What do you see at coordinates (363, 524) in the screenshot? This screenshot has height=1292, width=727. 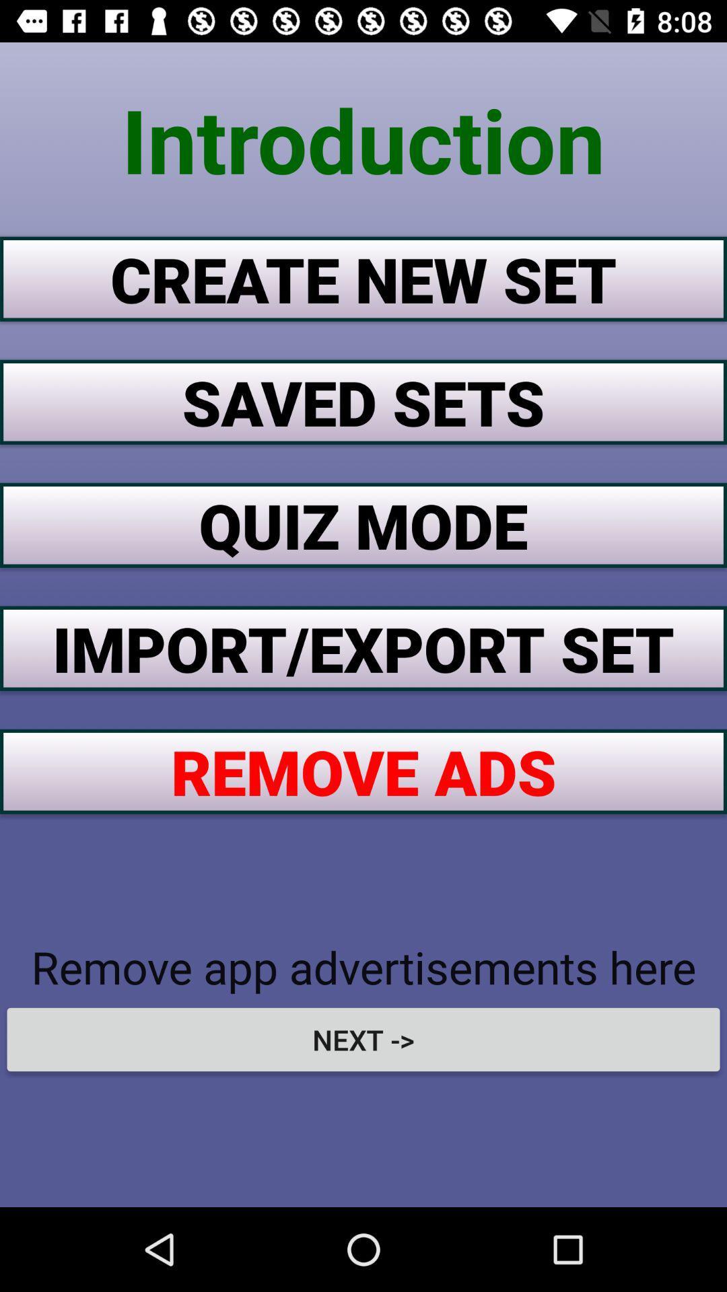 I see `the item above the import/export set item` at bounding box center [363, 524].